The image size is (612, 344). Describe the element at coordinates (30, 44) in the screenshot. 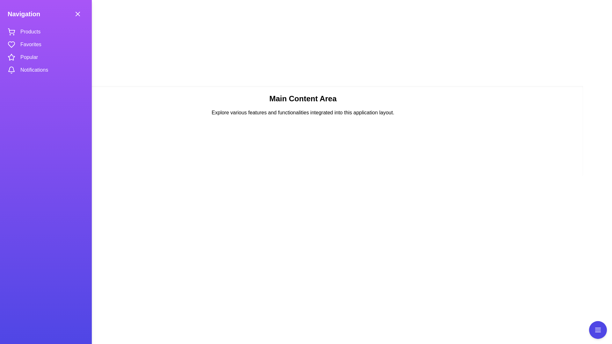

I see `the navigation item Favorites to navigate to the corresponding section` at that location.